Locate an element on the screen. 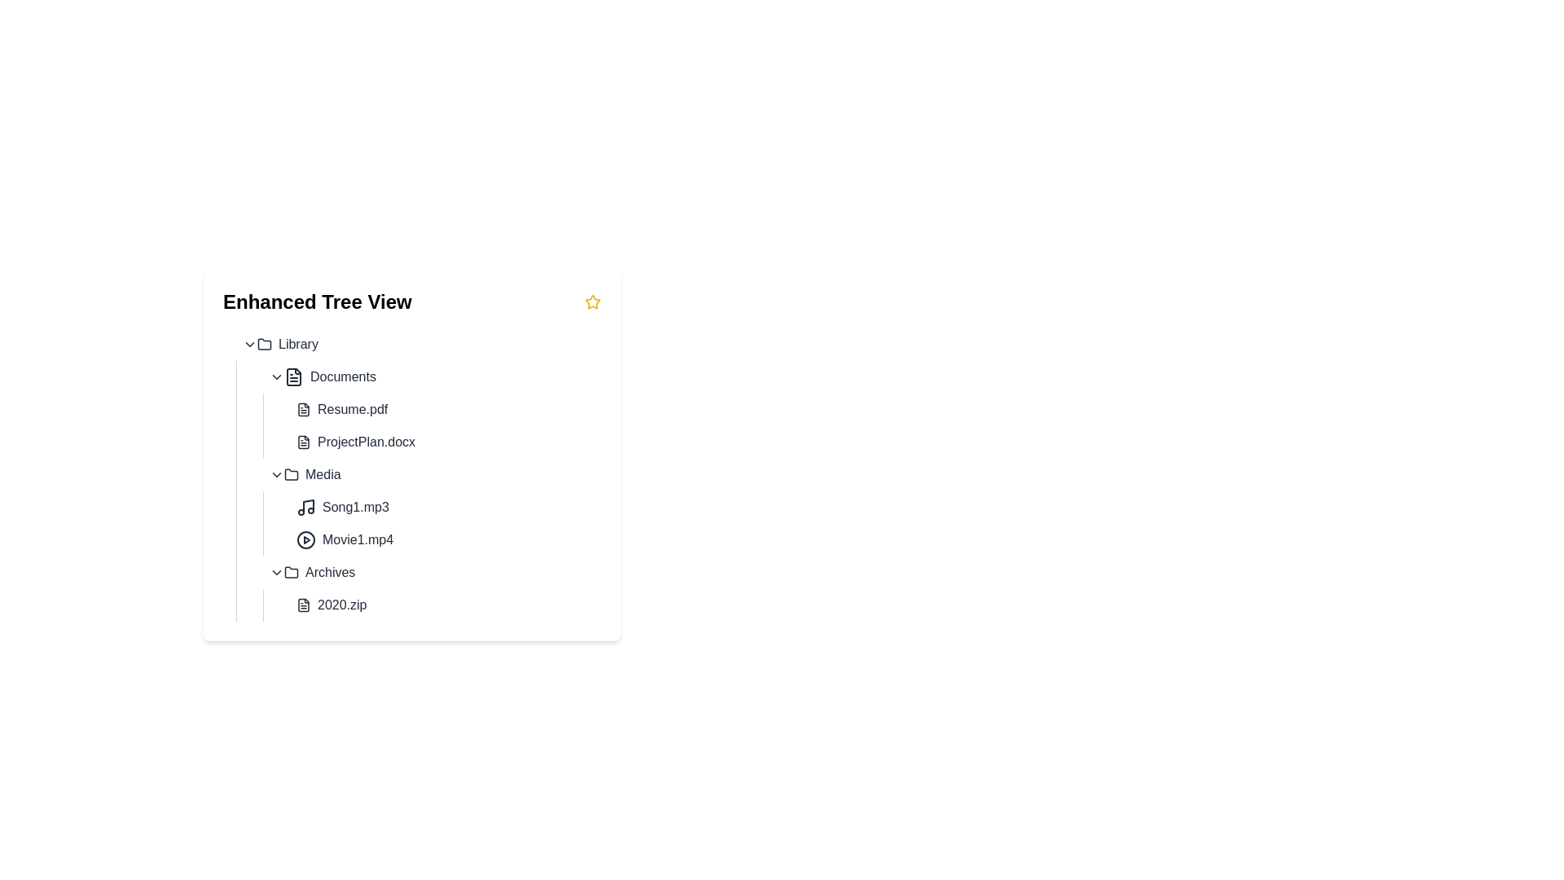 The width and height of the screenshot is (1564, 880). the chevron icon that toggles the 'Library' section is located at coordinates (249, 344).